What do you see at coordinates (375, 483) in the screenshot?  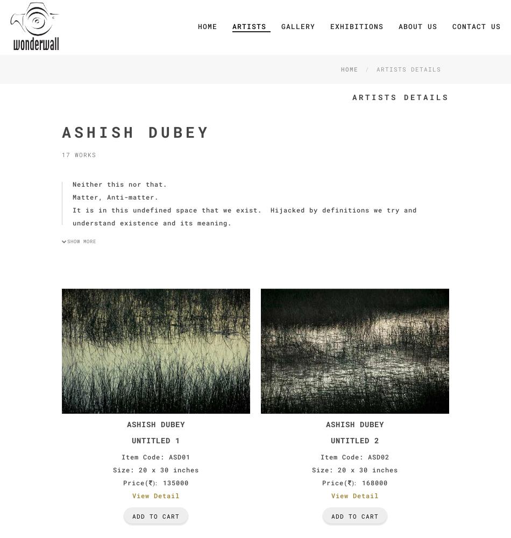 I see `'168000'` at bounding box center [375, 483].